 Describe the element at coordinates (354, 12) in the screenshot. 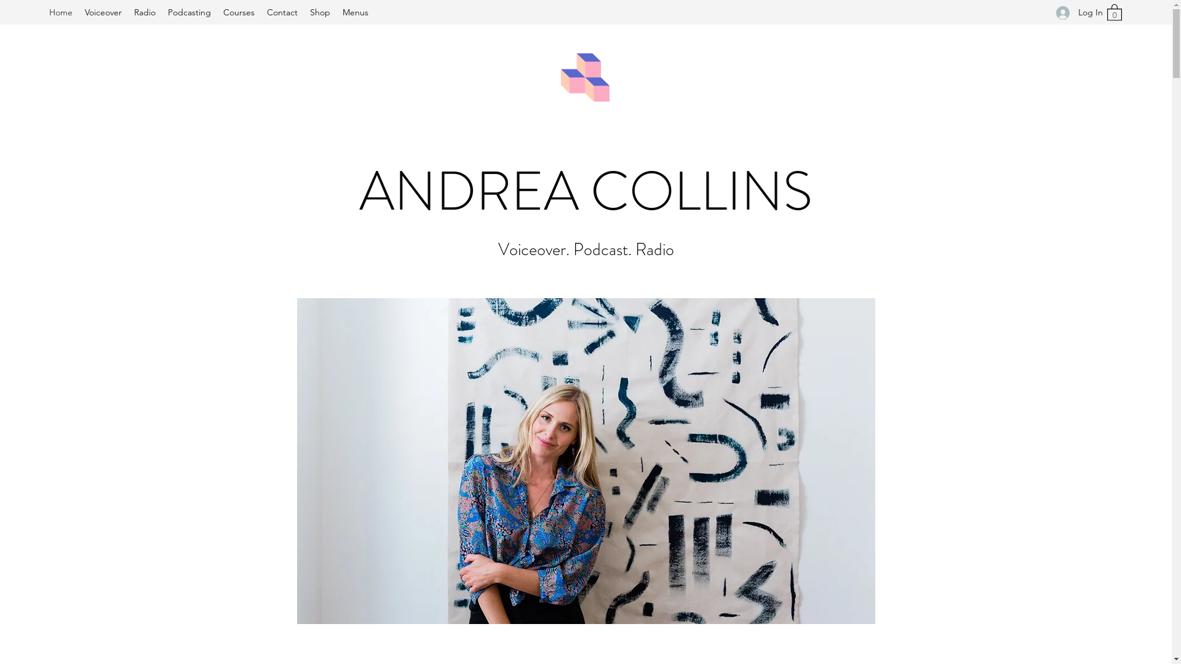

I see `'Menus'` at that location.